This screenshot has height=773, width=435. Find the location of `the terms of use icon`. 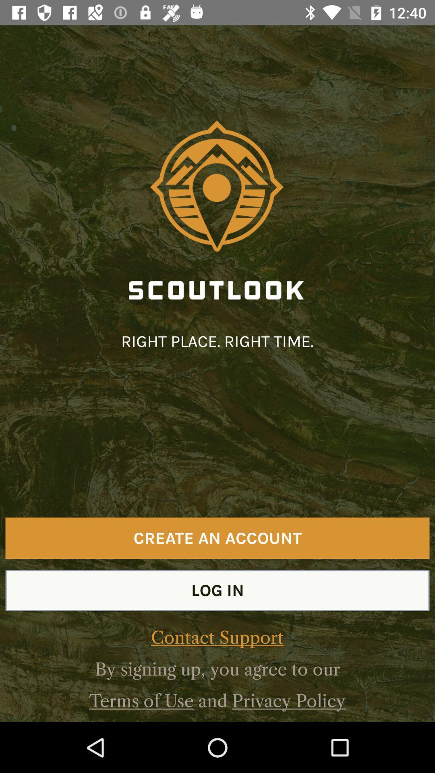

the terms of use icon is located at coordinates (141, 701).